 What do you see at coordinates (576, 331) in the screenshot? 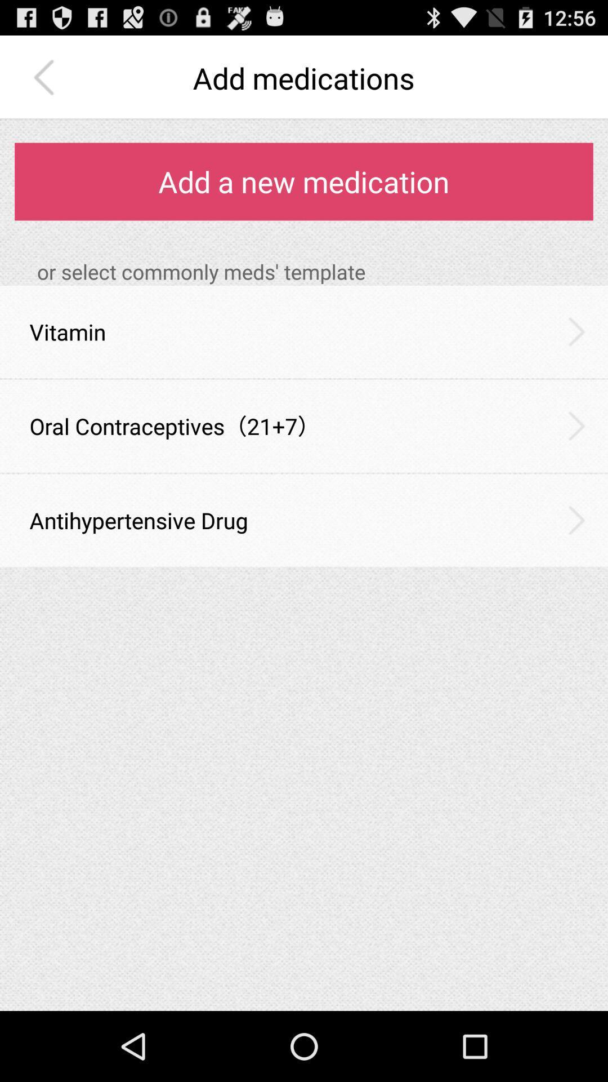
I see `item below the or select commonly` at bounding box center [576, 331].